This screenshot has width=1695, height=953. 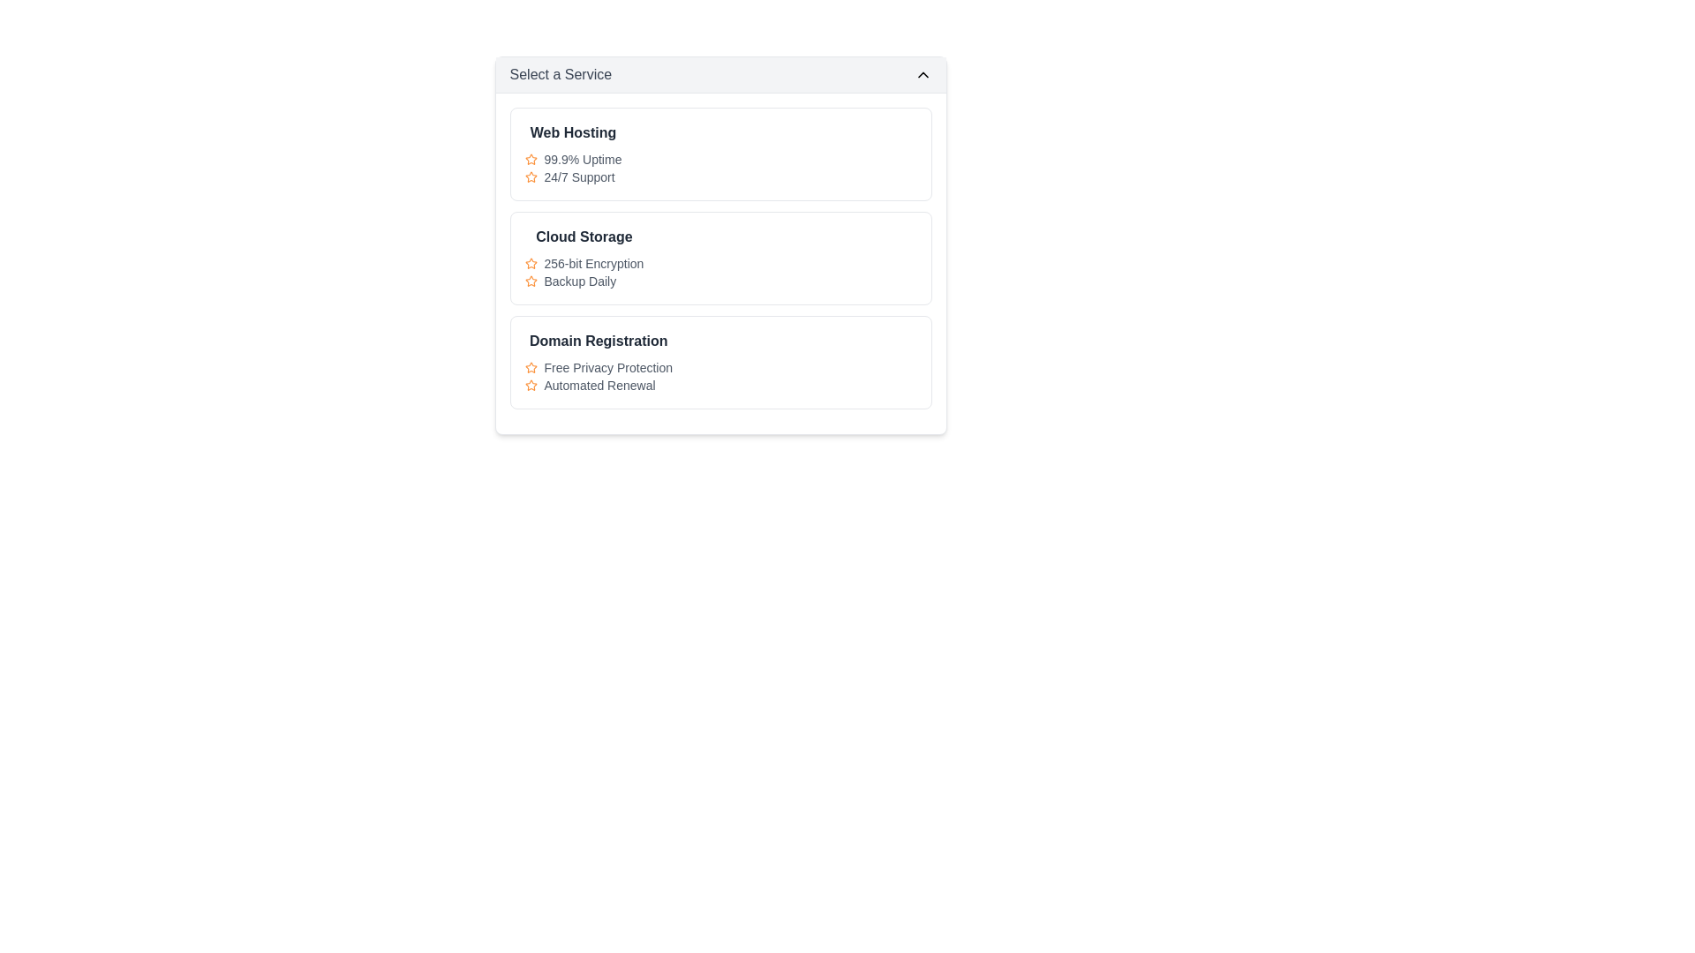 I want to click on the text label indicating that backups for 'Cloud Storage' are performed daily, located beneath the '256-bit Encryption' label in the 'Cloud Storage' panel, so click(x=584, y=281).